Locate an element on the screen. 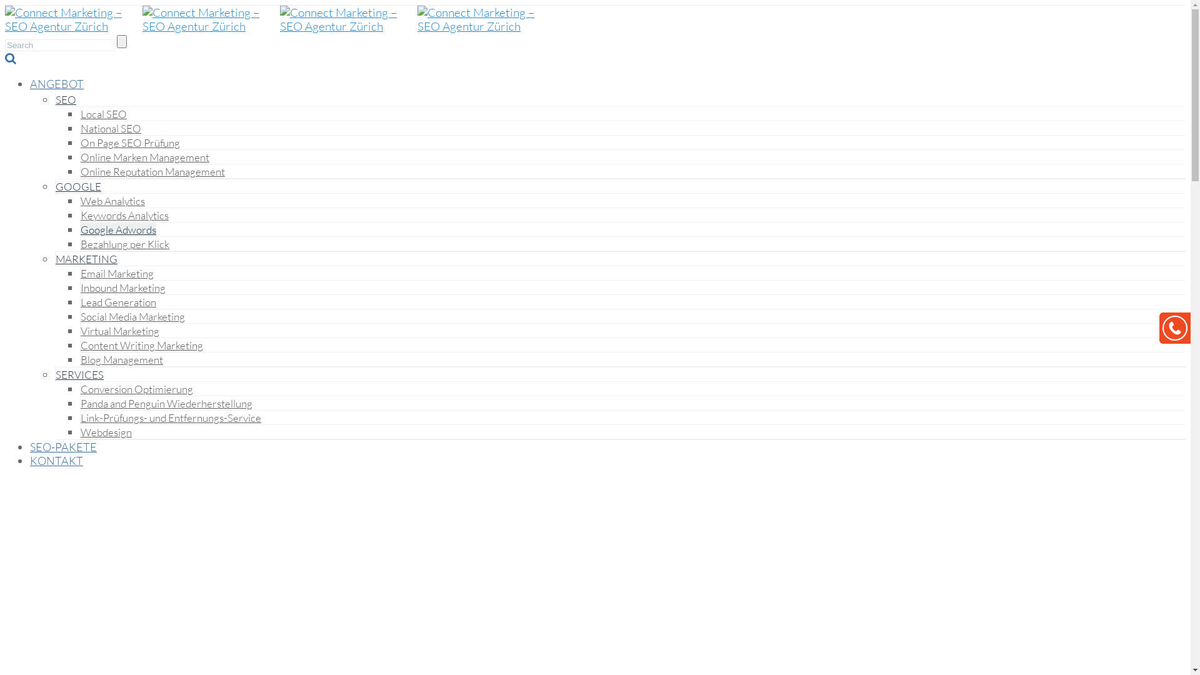  'Virtual Marketing' is located at coordinates (119, 330).